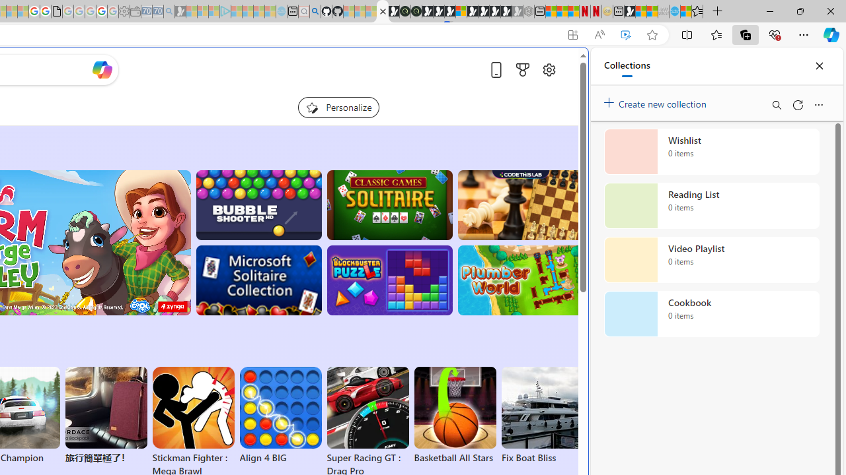 The width and height of the screenshot is (846, 475). What do you see at coordinates (711, 206) in the screenshot?
I see `'Reading List collection, 0 items'` at bounding box center [711, 206].